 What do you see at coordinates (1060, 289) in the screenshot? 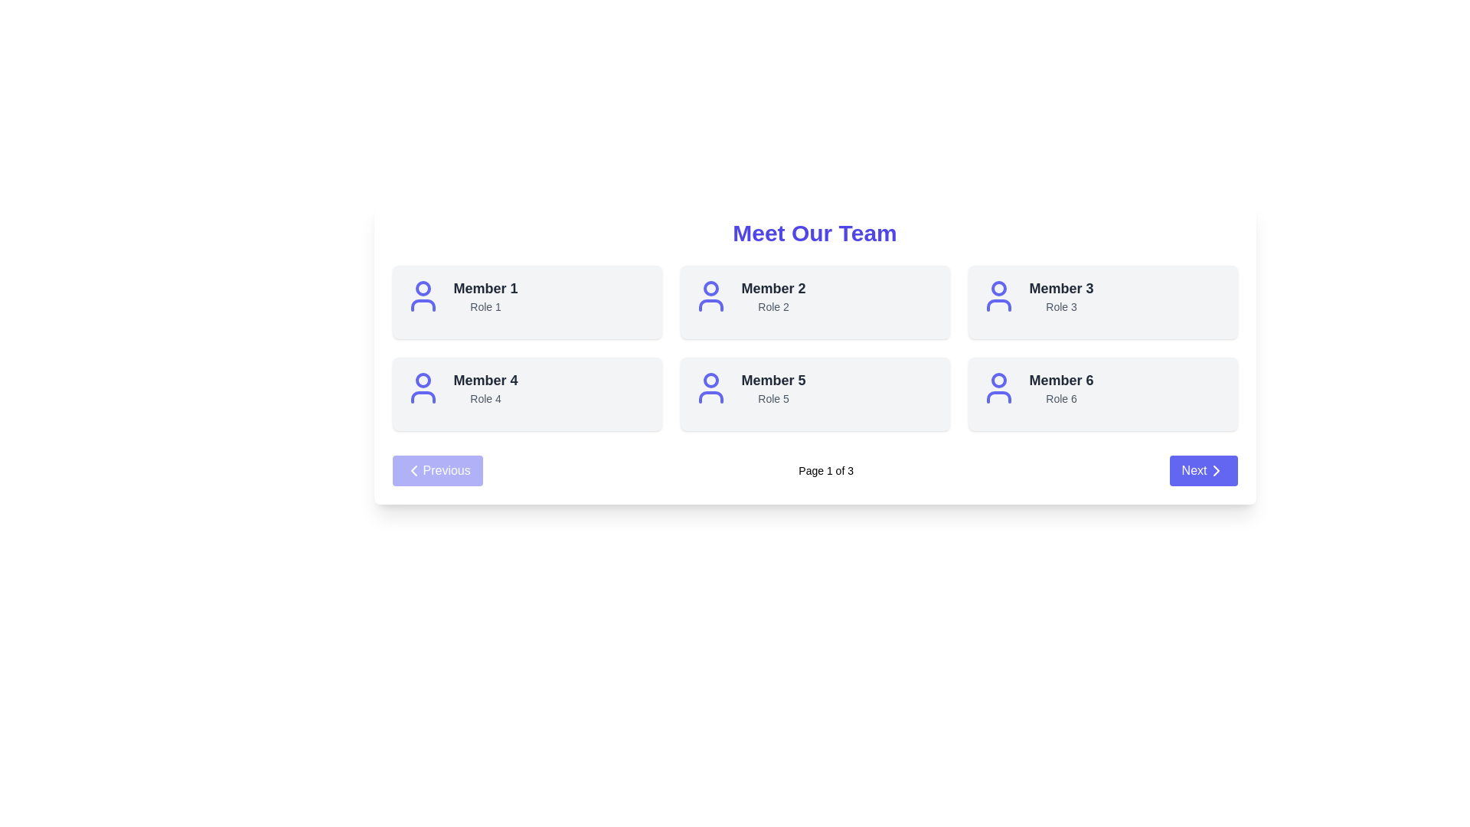
I see `the Text label displaying 'Member 3' in the team section, located in the top row, third column of the interface` at bounding box center [1060, 289].